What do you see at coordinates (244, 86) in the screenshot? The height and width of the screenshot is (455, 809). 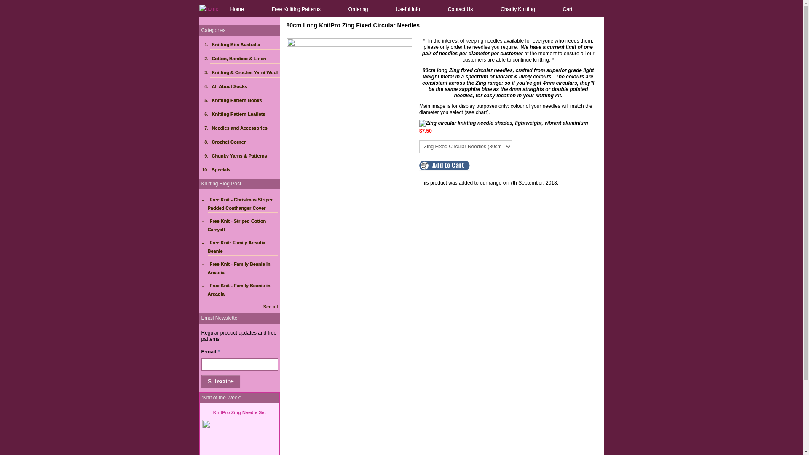 I see `'All About Socks'` at bounding box center [244, 86].